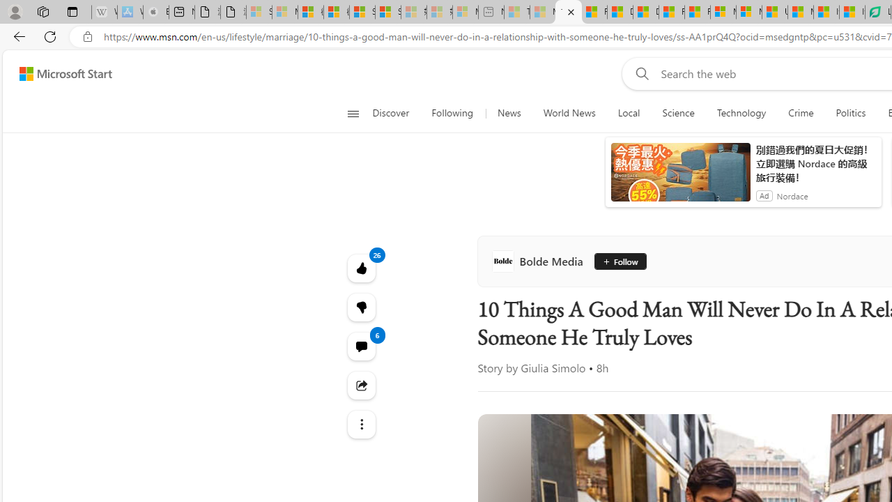 The image size is (892, 502). Describe the element at coordinates (361, 424) in the screenshot. I see `'See more'` at that location.